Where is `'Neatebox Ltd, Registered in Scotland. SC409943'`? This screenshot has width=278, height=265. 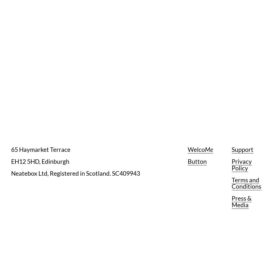
'Neatebox Ltd, Registered in Scotland. SC409943' is located at coordinates (75, 173).